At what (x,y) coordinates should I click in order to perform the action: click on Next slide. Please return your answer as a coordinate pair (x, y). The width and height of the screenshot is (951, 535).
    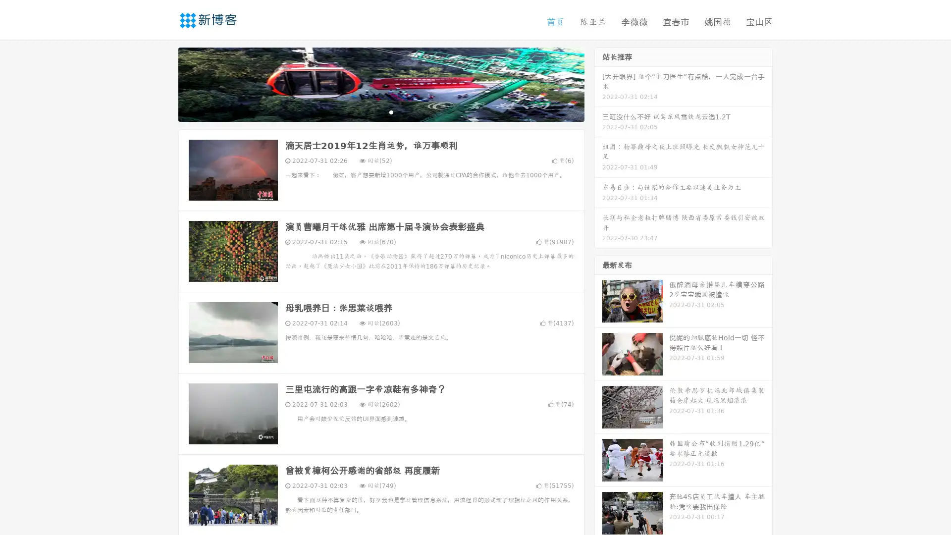
    Looking at the image, I should click on (598, 83).